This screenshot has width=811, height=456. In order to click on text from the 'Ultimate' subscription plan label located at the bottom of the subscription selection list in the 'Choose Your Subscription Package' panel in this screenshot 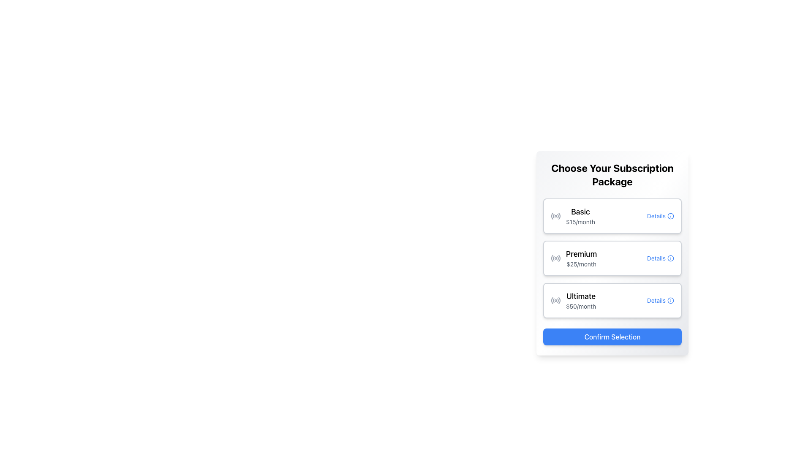, I will do `click(580, 300)`.